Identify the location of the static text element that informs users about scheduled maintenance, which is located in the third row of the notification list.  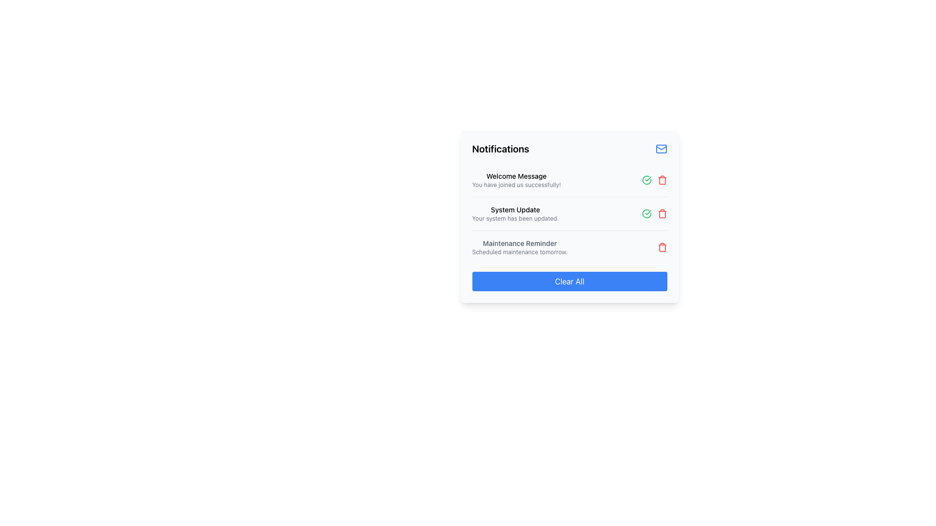
(519, 247).